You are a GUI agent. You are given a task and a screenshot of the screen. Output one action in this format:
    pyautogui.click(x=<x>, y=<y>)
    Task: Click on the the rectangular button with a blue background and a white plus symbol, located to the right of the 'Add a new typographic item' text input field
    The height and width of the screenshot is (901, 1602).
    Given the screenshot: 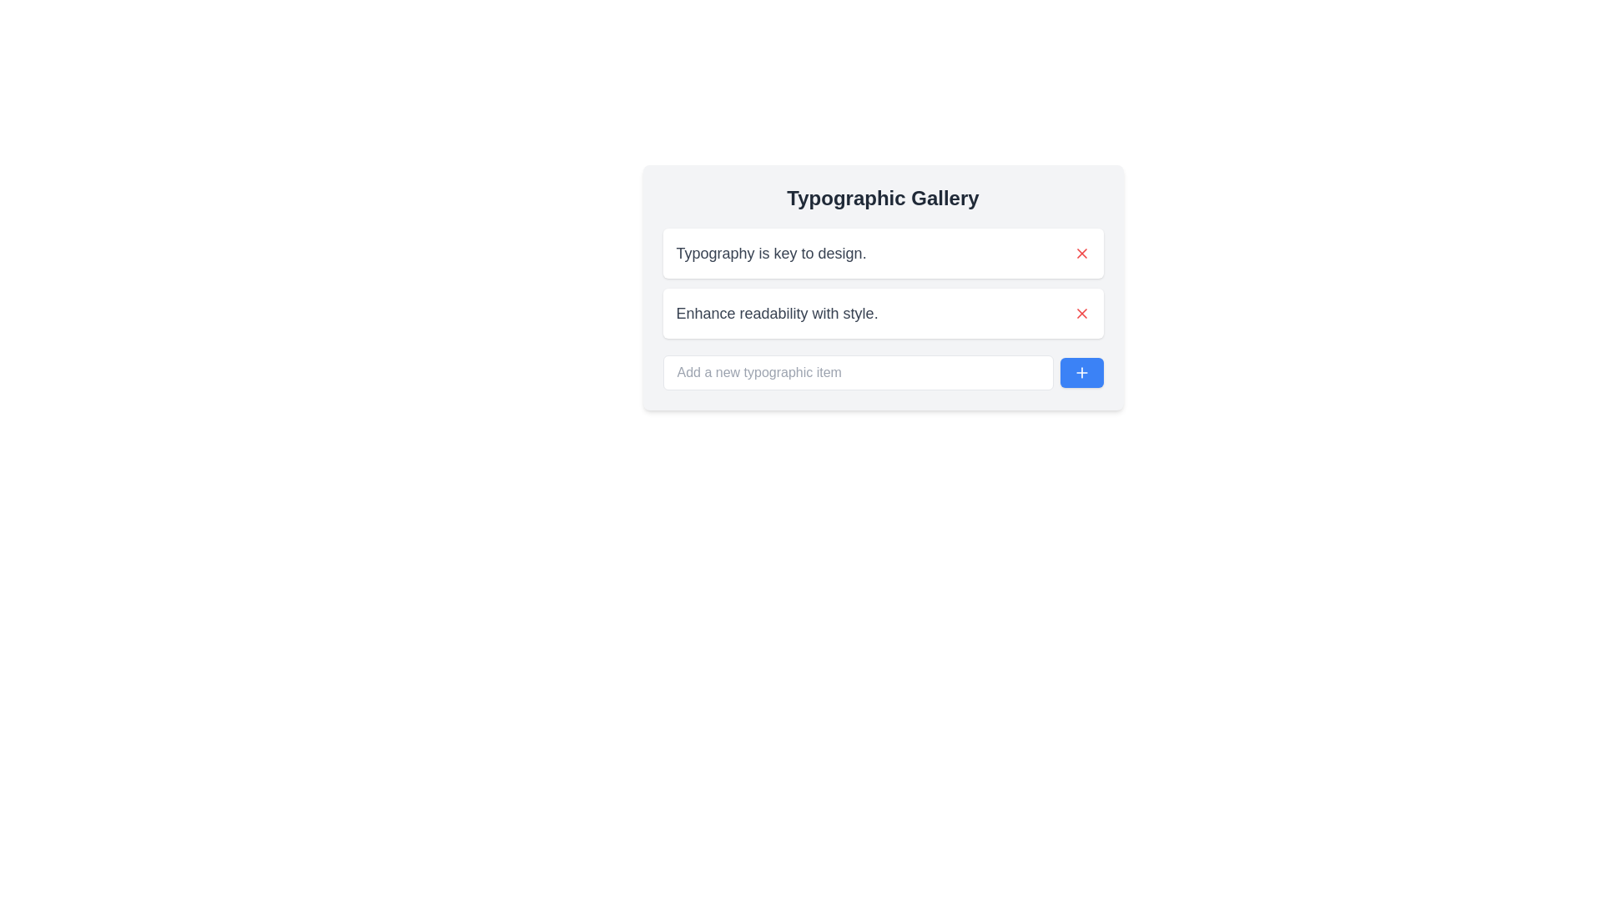 What is the action you would take?
    pyautogui.click(x=1081, y=372)
    